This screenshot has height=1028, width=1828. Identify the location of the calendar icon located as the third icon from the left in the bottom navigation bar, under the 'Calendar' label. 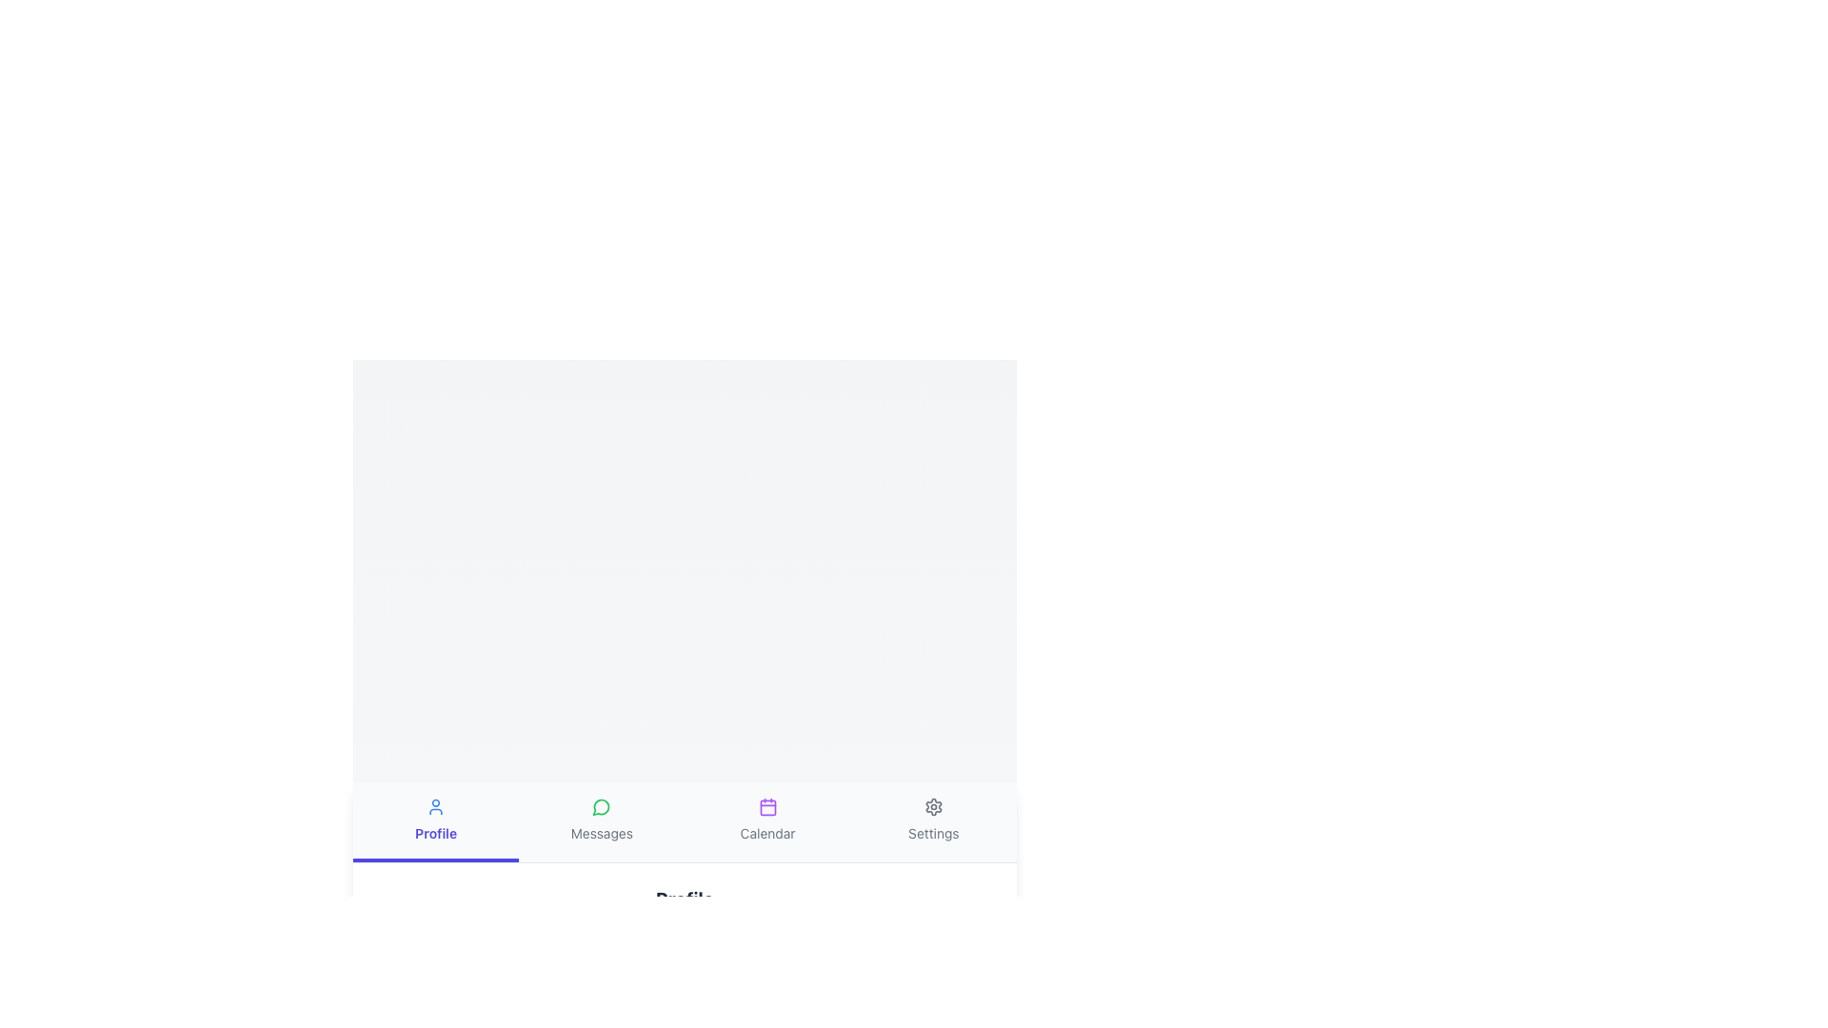
(767, 807).